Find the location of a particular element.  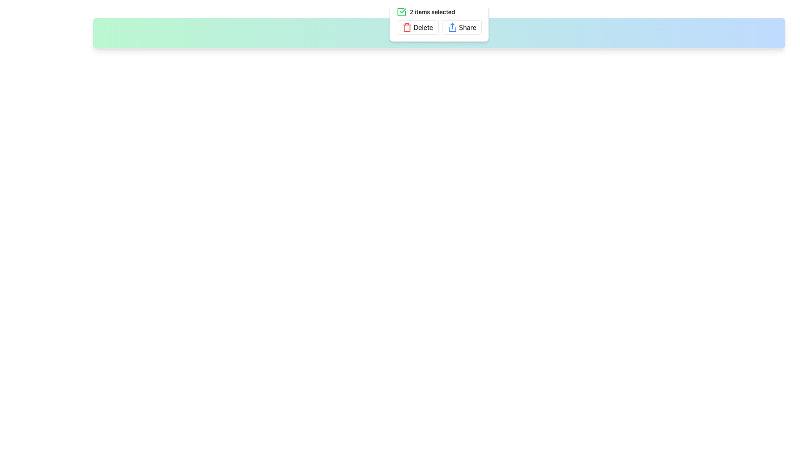

the 'Share' button which contains an upward arrow icon, located at the top-right of the toolbar is located at coordinates (452, 27).